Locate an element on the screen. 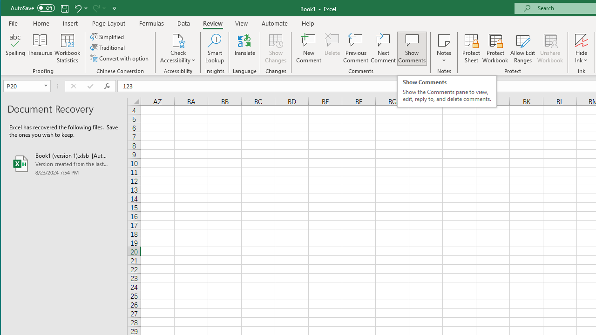 The height and width of the screenshot is (335, 596). 'Notes' is located at coordinates (444, 48).